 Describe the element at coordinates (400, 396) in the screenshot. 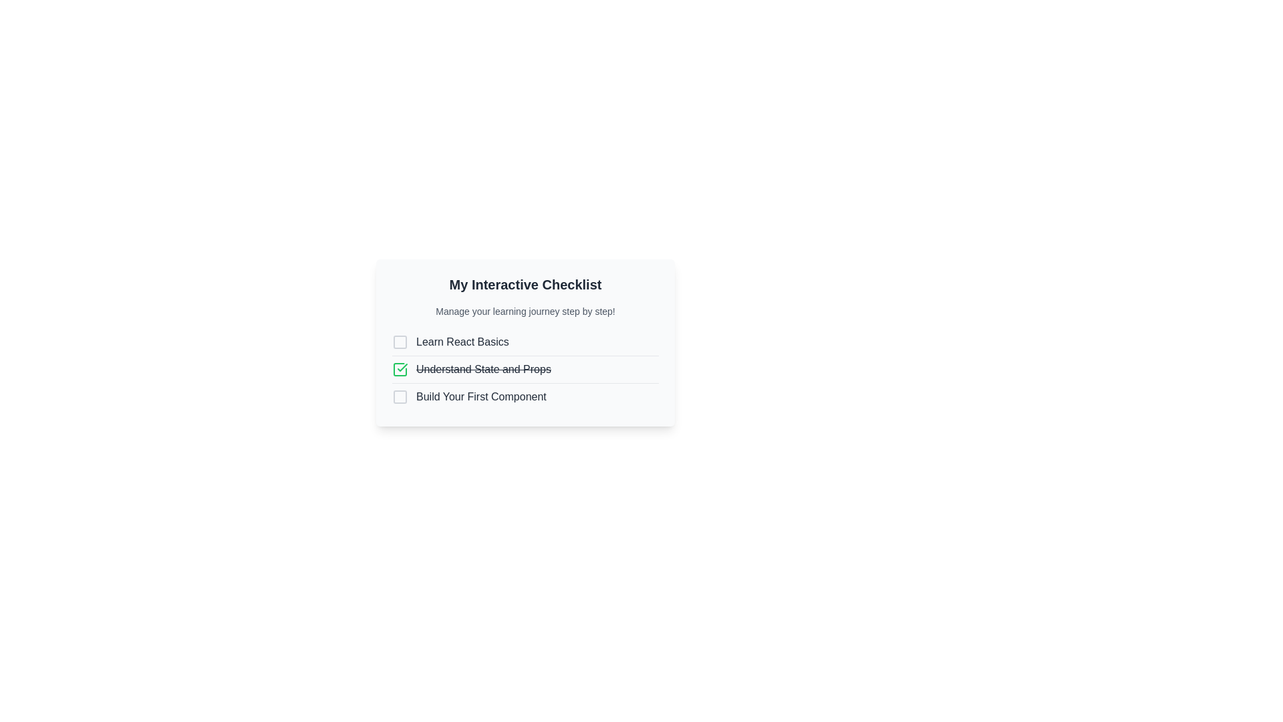

I see `the visual checkbox representing an unchecked item in the checklist titled 'Build Your First Component'` at that location.